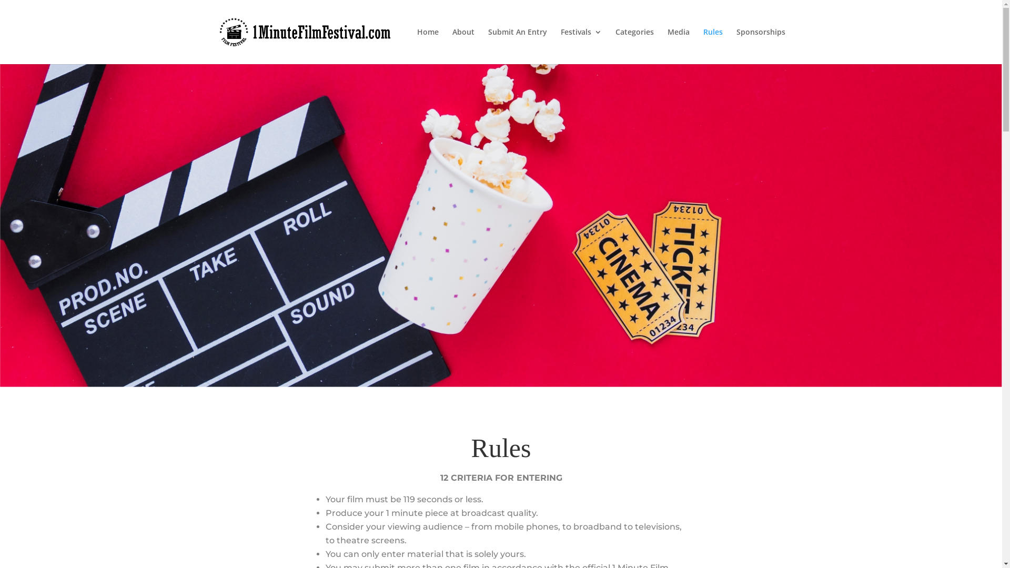 The width and height of the screenshot is (1010, 568). Describe the element at coordinates (712, 46) in the screenshot. I see `'Rules'` at that location.